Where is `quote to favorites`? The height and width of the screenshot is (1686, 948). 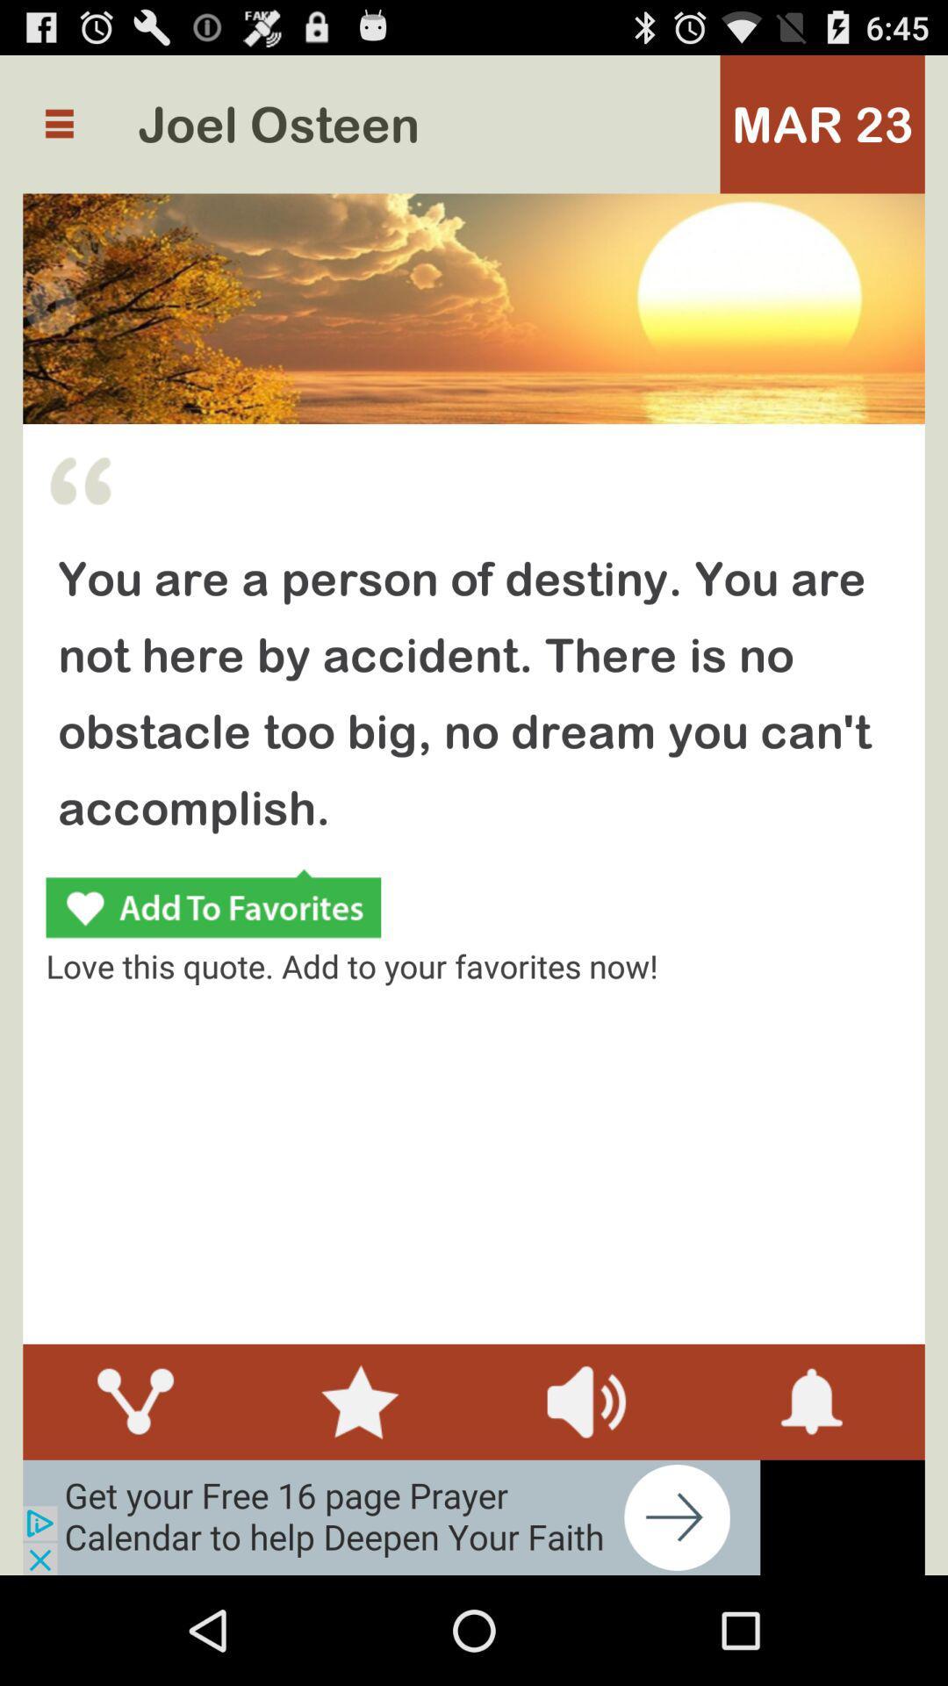
quote to favorites is located at coordinates (212, 906).